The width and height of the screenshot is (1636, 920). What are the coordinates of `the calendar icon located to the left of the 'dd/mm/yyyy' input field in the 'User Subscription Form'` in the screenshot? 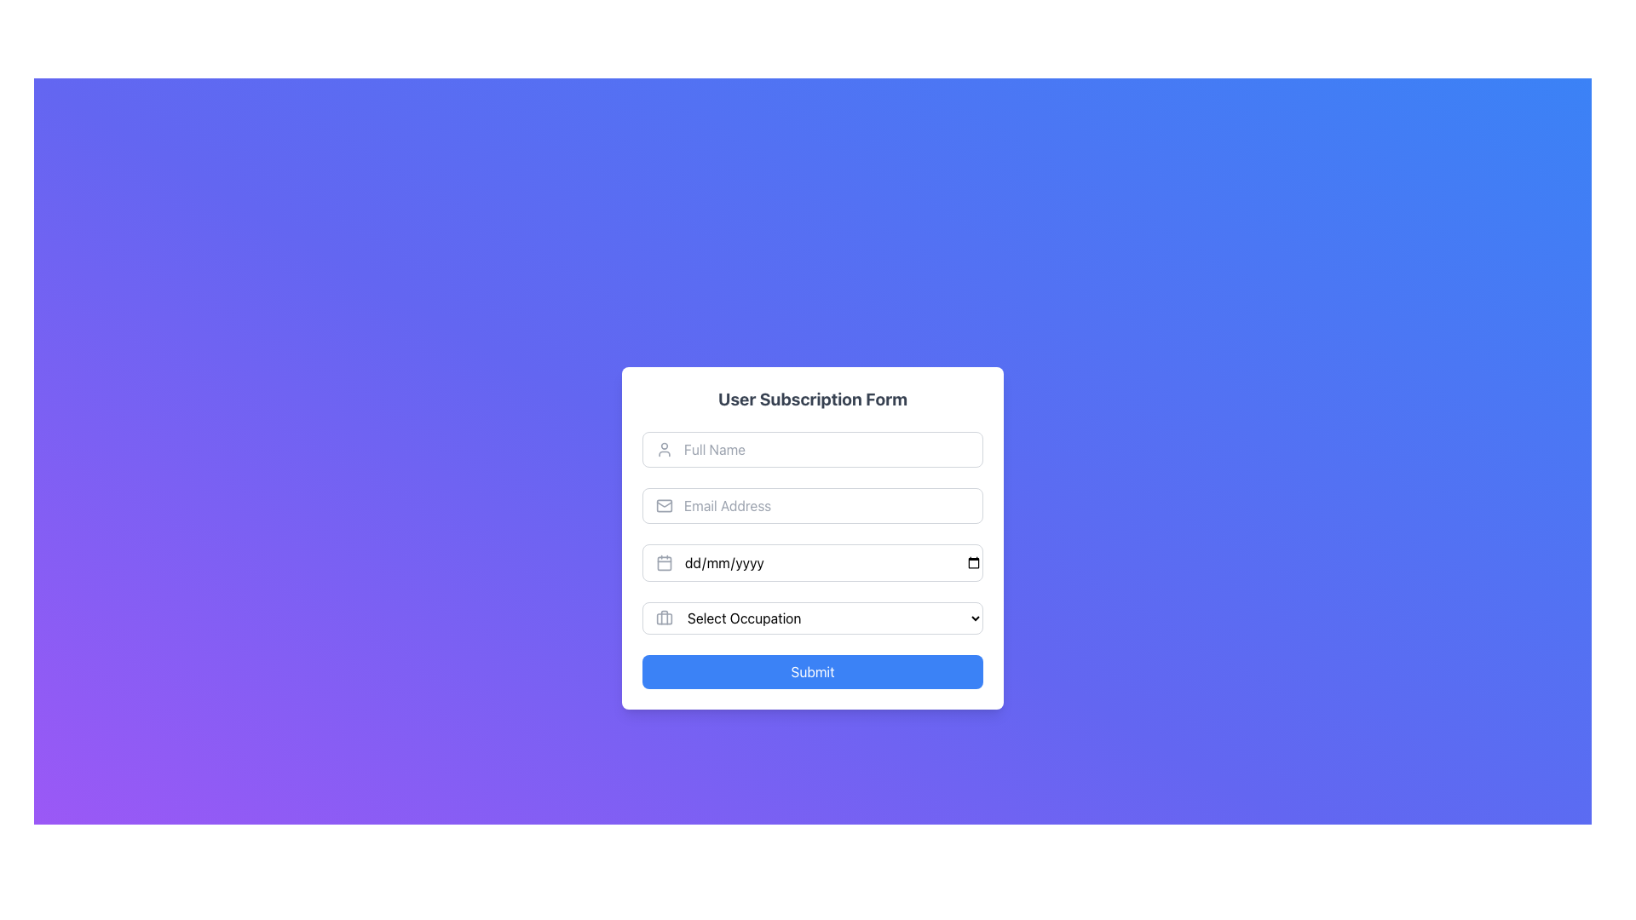 It's located at (663, 562).